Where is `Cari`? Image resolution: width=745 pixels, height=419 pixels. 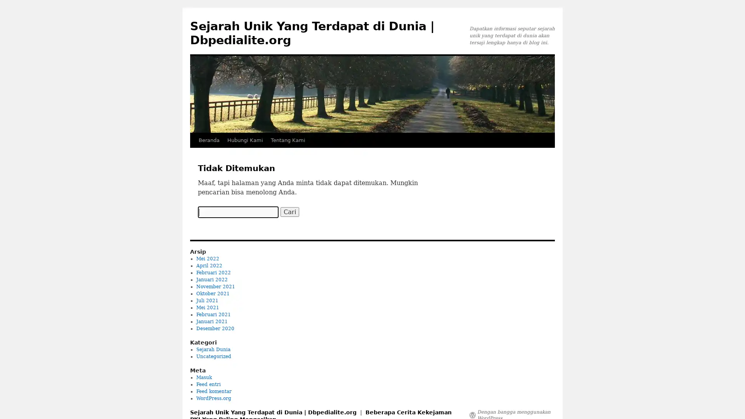 Cari is located at coordinates (289, 212).